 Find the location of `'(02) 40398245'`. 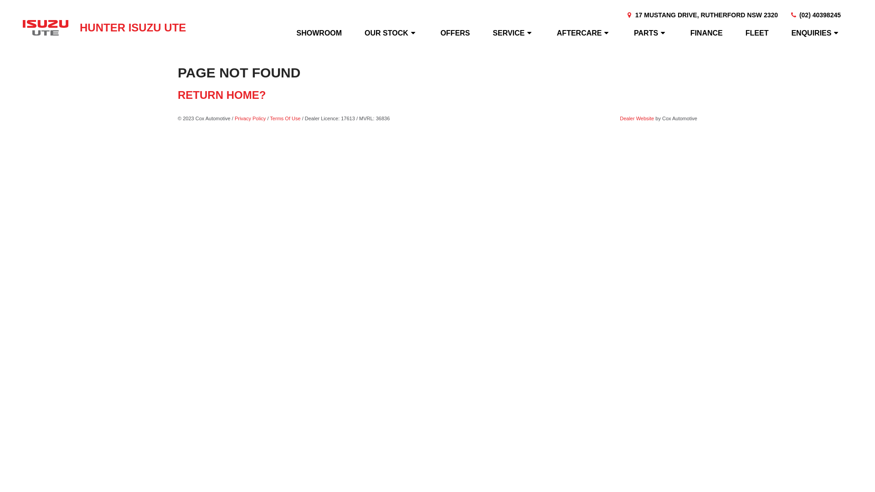

'(02) 40398245' is located at coordinates (815, 15).